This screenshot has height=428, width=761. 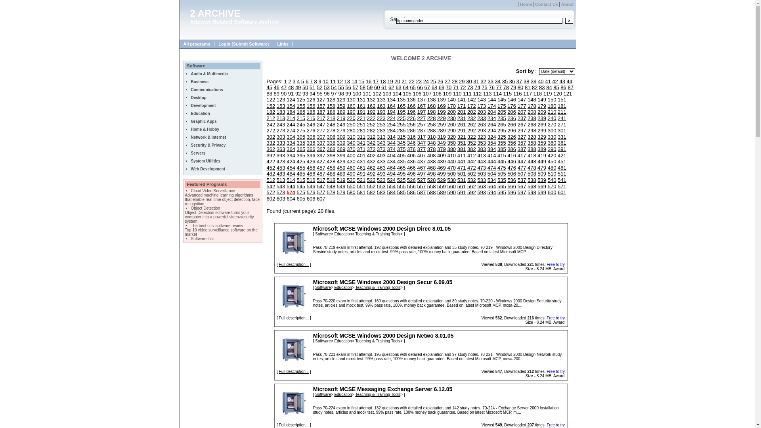 I want to click on '114', so click(x=492, y=93).